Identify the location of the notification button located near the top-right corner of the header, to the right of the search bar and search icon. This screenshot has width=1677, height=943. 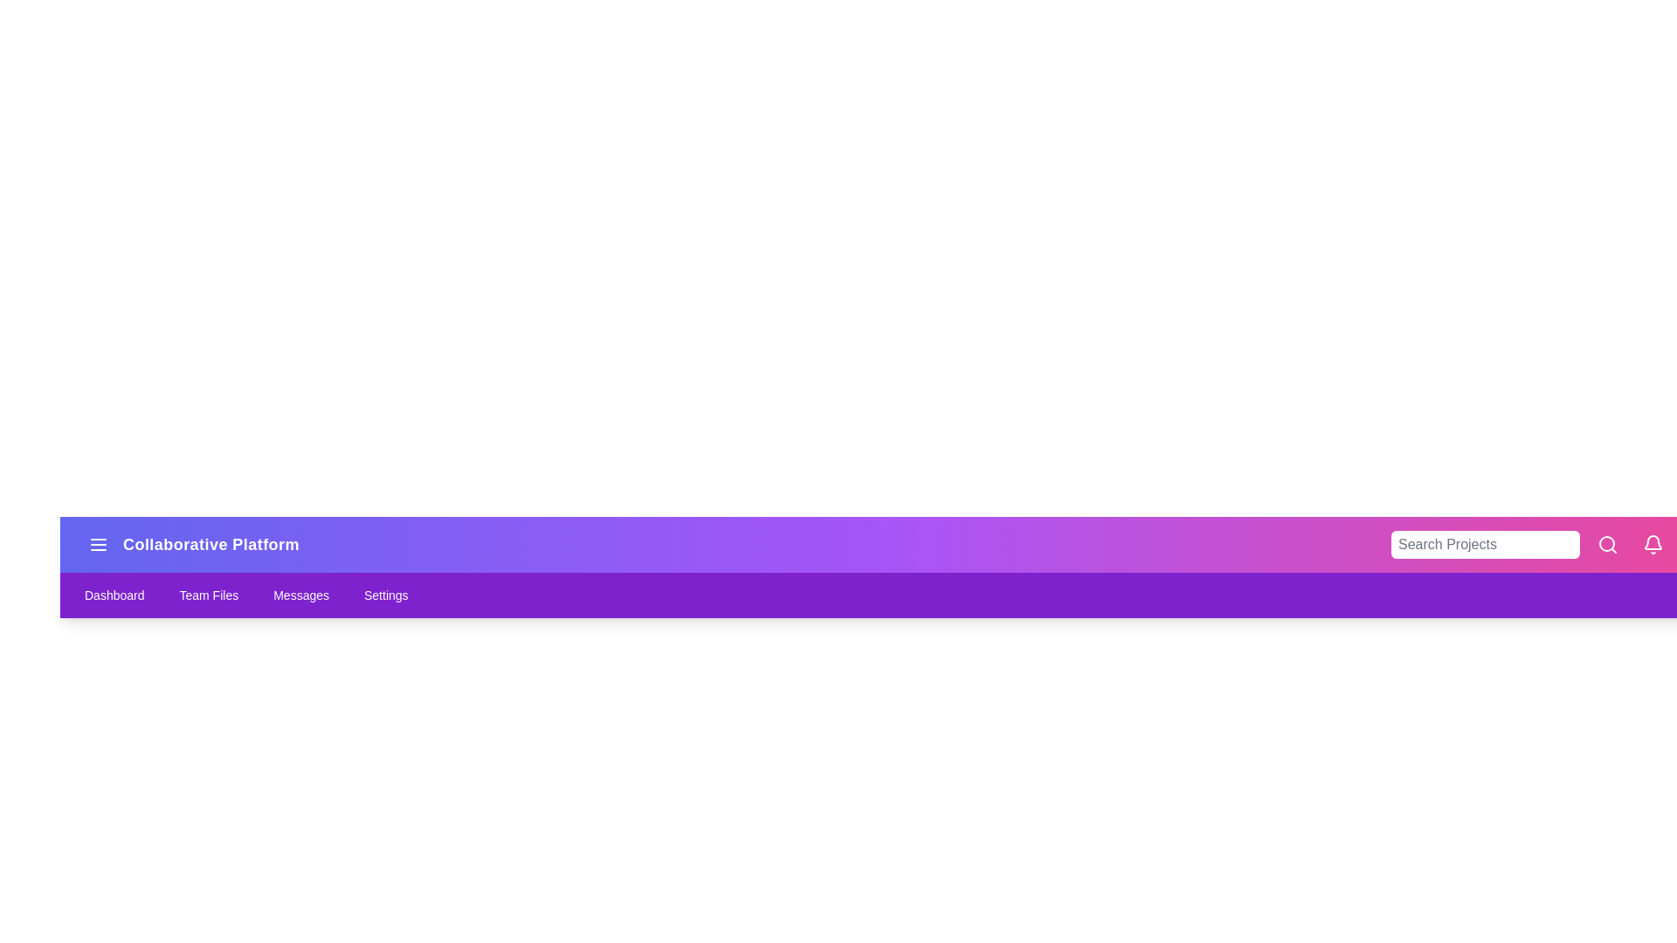
(1652, 544).